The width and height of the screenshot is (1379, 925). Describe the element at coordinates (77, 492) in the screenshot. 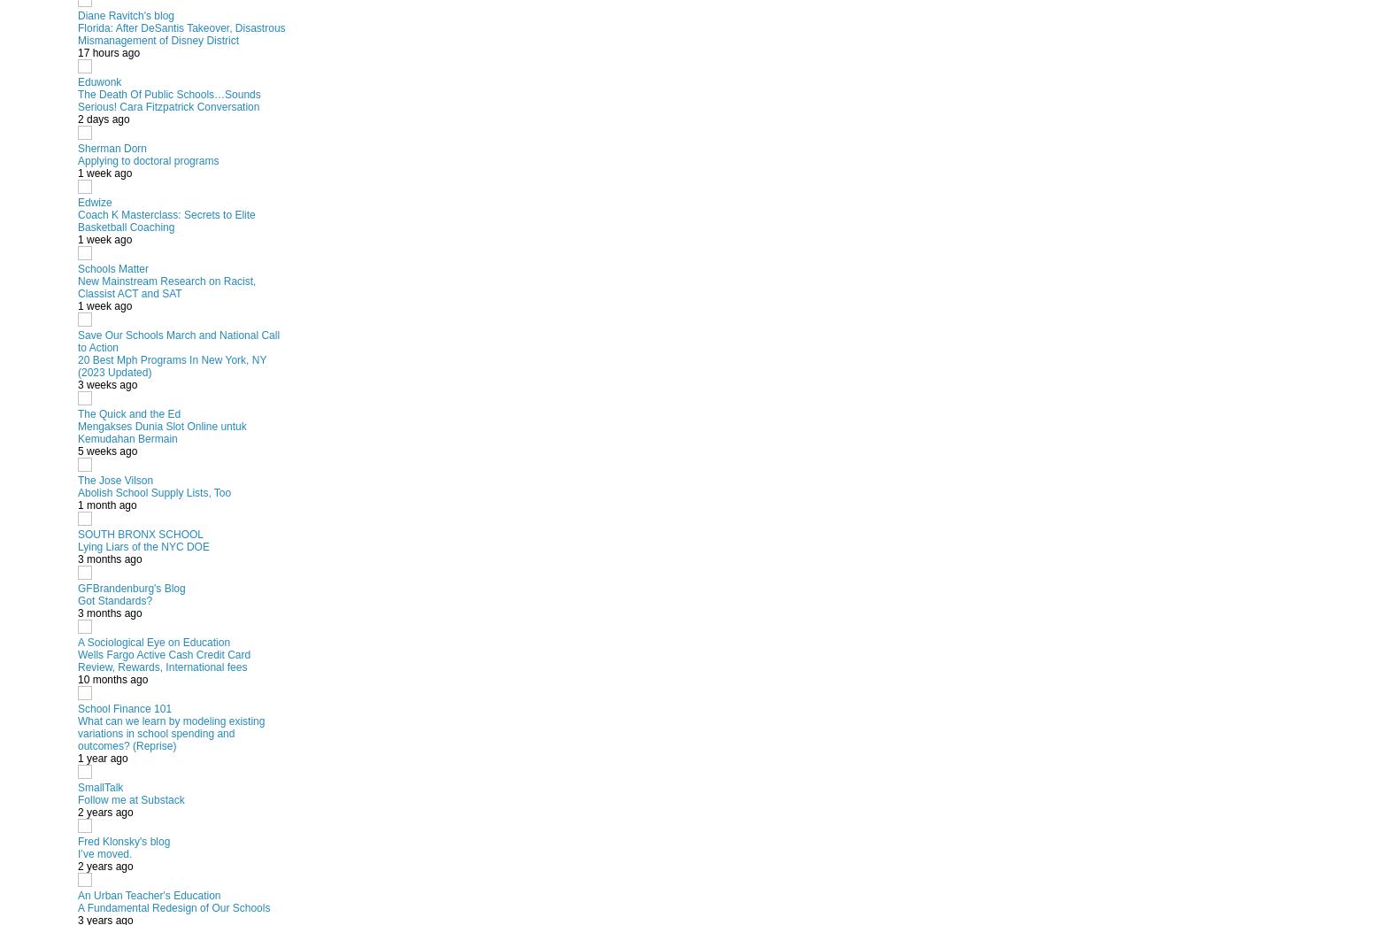

I see `'Abolish School Supply Lists, Too'` at that location.